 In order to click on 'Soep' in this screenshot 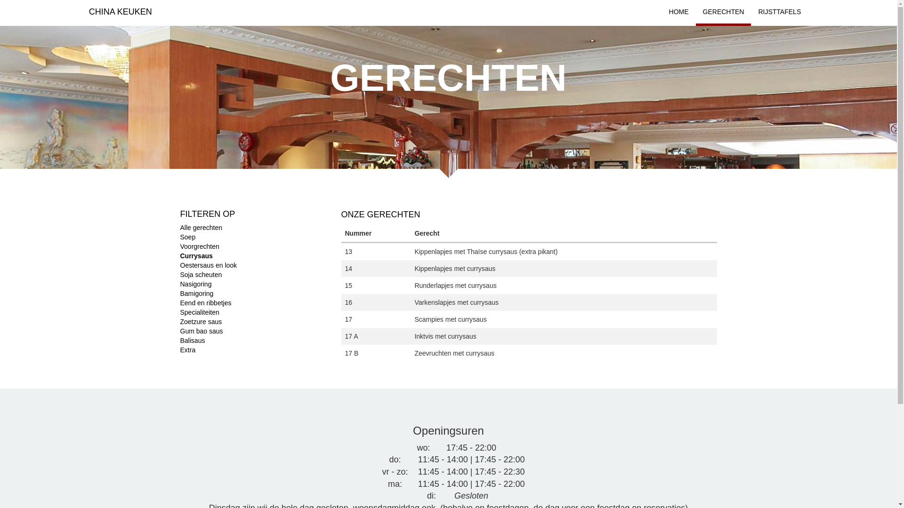, I will do `click(187, 237)`.